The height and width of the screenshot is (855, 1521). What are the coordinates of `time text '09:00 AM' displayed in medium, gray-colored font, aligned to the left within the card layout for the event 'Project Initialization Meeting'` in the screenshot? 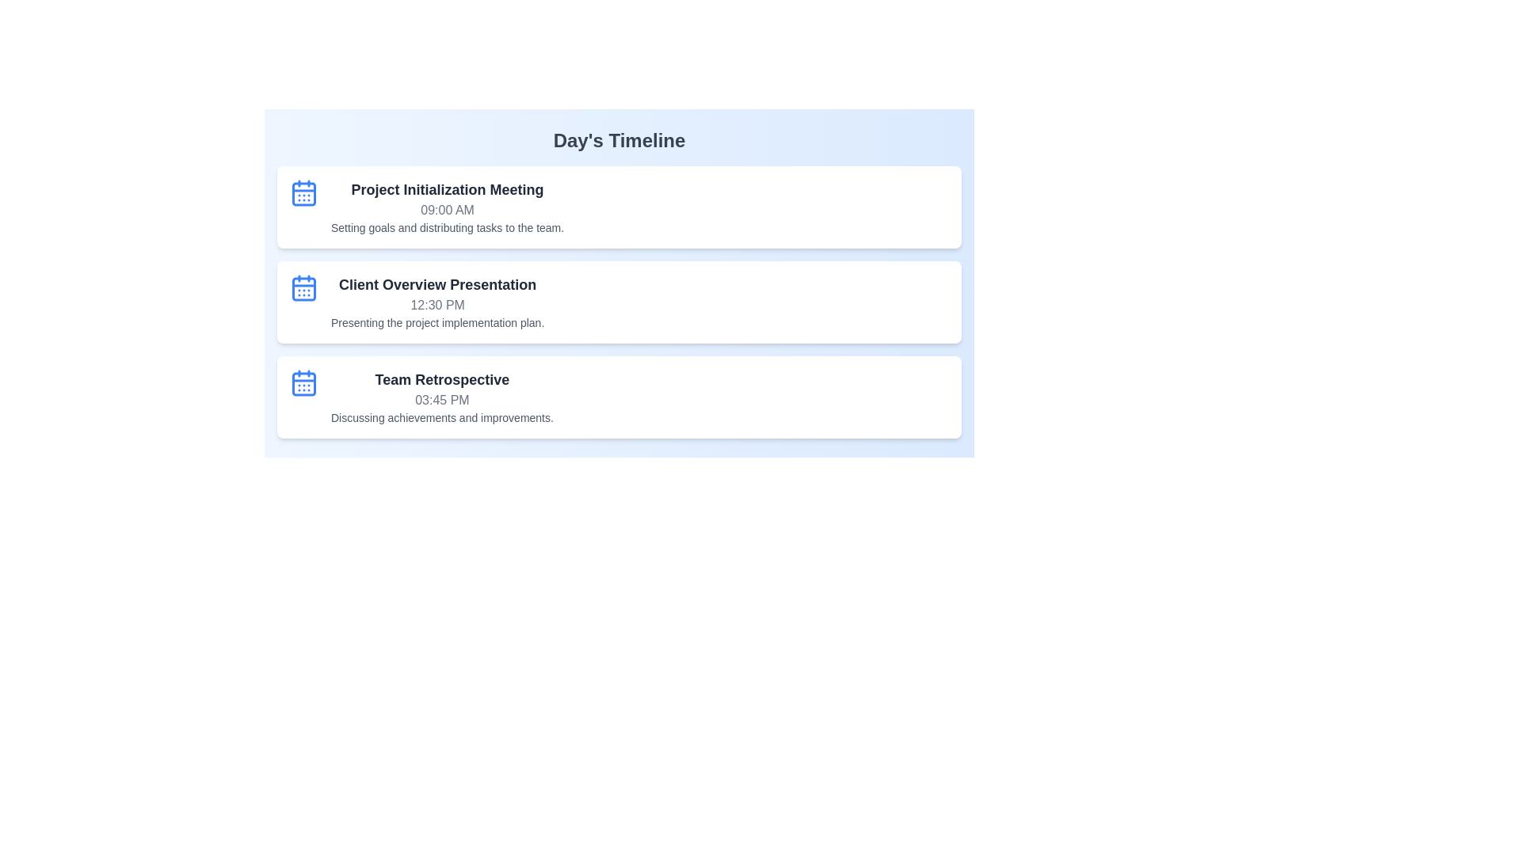 It's located at (447, 210).